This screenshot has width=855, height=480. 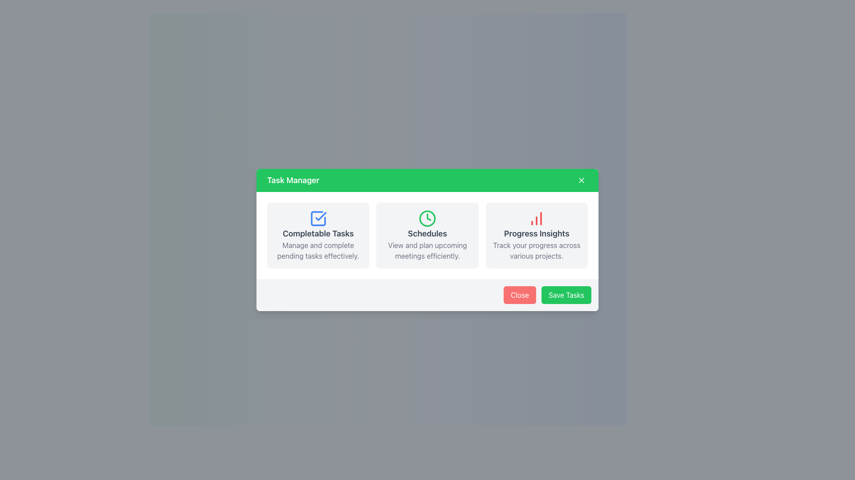 What do you see at coordinates (427, 233) in the screenshot?
I see `text label that serves as the title for the section dedicated to viewing and planning upcoming meetings, located in the second card of three horizontally arranged cards` at bounding box center [427, 233].